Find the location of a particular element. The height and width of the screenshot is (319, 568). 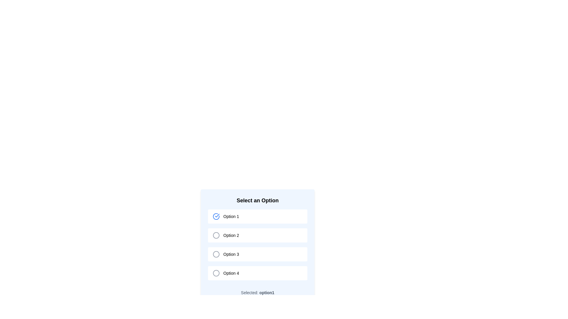

the radio button option labeled 'Option 4', which is styled with a white rounded background and changes to blue on hover, located as the fourth option in the vertical list titled 'Select an Option' is located at coordinates (257, 273).